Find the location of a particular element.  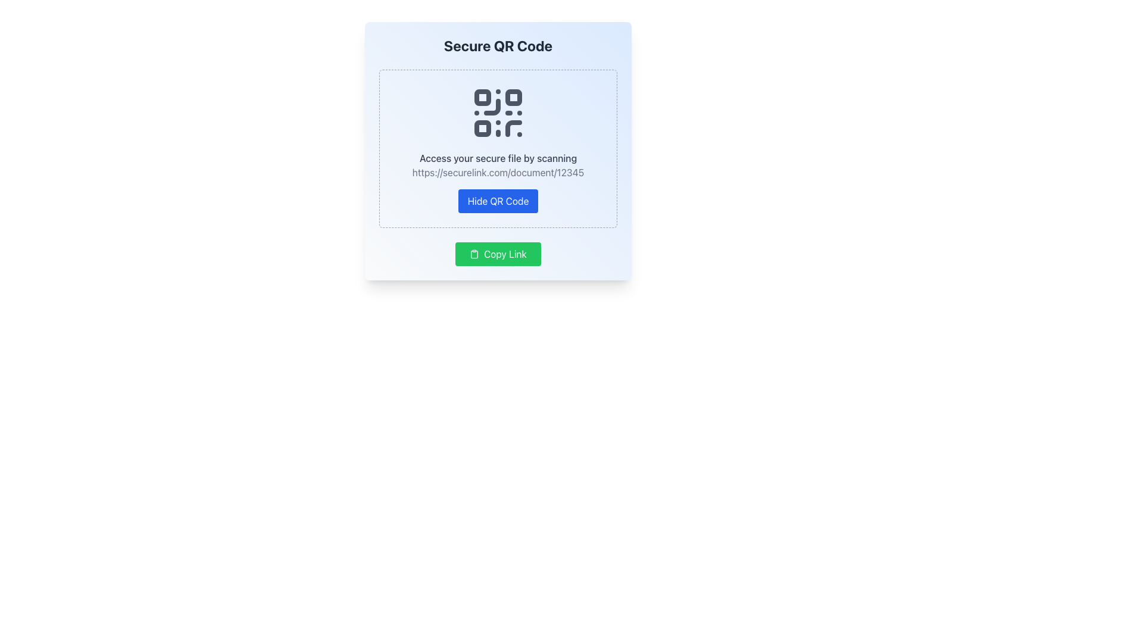

the green button located at the bottom center of the modal window to copy a link to the clipboard is located at coordinates (498, 254).